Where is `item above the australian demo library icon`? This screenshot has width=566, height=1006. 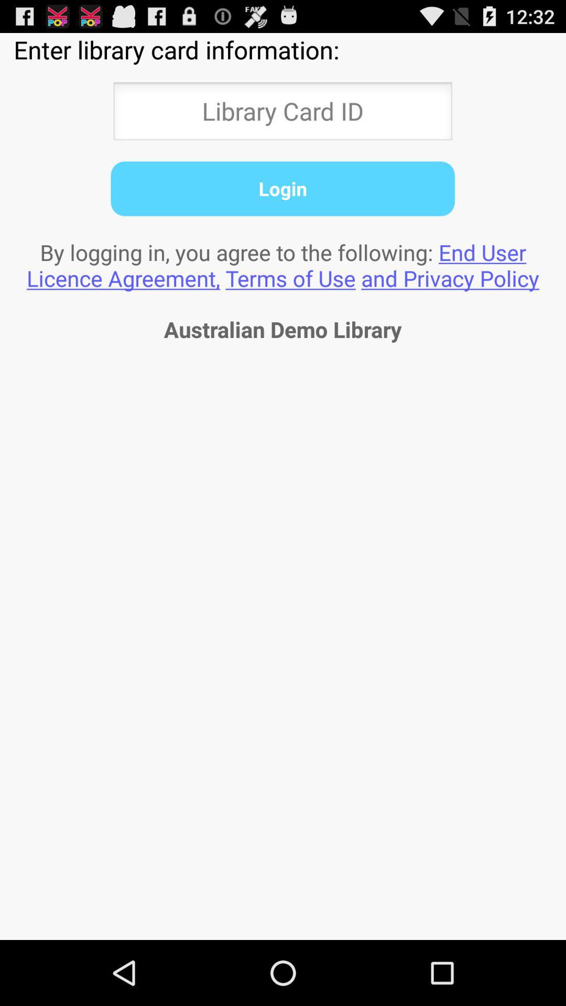
item above the australian demo library icon is located at coordinates (283, 265).